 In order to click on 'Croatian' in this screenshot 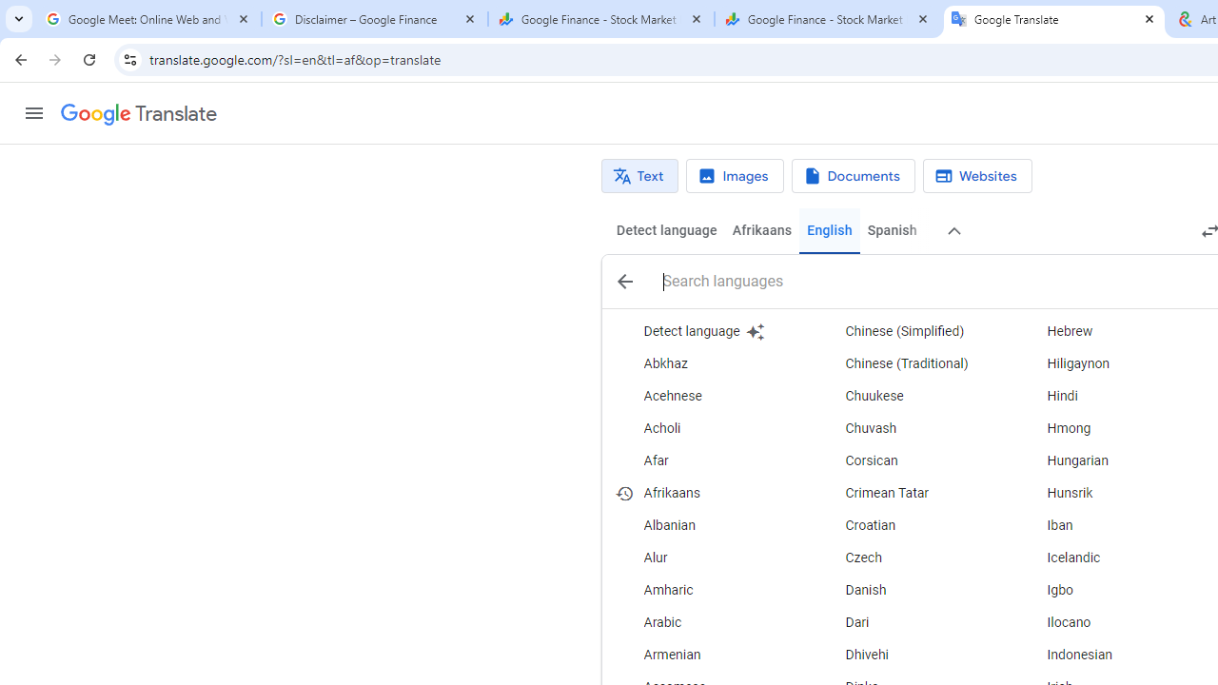, I will do `click(910, 525)`.